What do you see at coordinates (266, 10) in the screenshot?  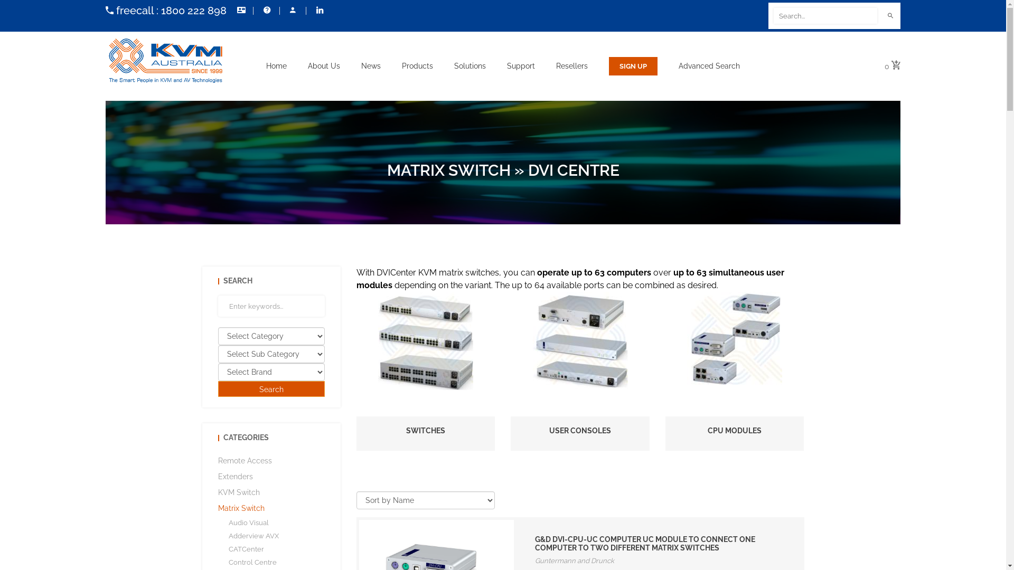 I see `'Help'` at bounding box center [266, 10].